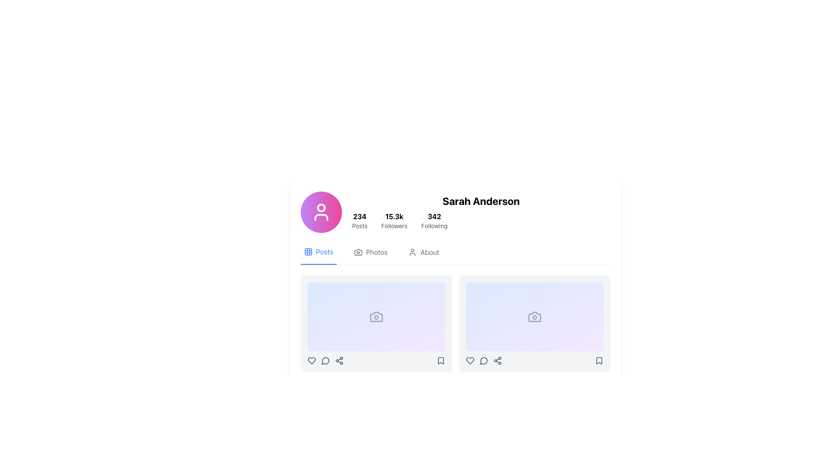 The image size is (826, 465). What do you see at coordinates (371, 255) in the screenshot?
I see `the 'Photos' button, which is the second option in the navigation bar` at bounding box center [371, 255].